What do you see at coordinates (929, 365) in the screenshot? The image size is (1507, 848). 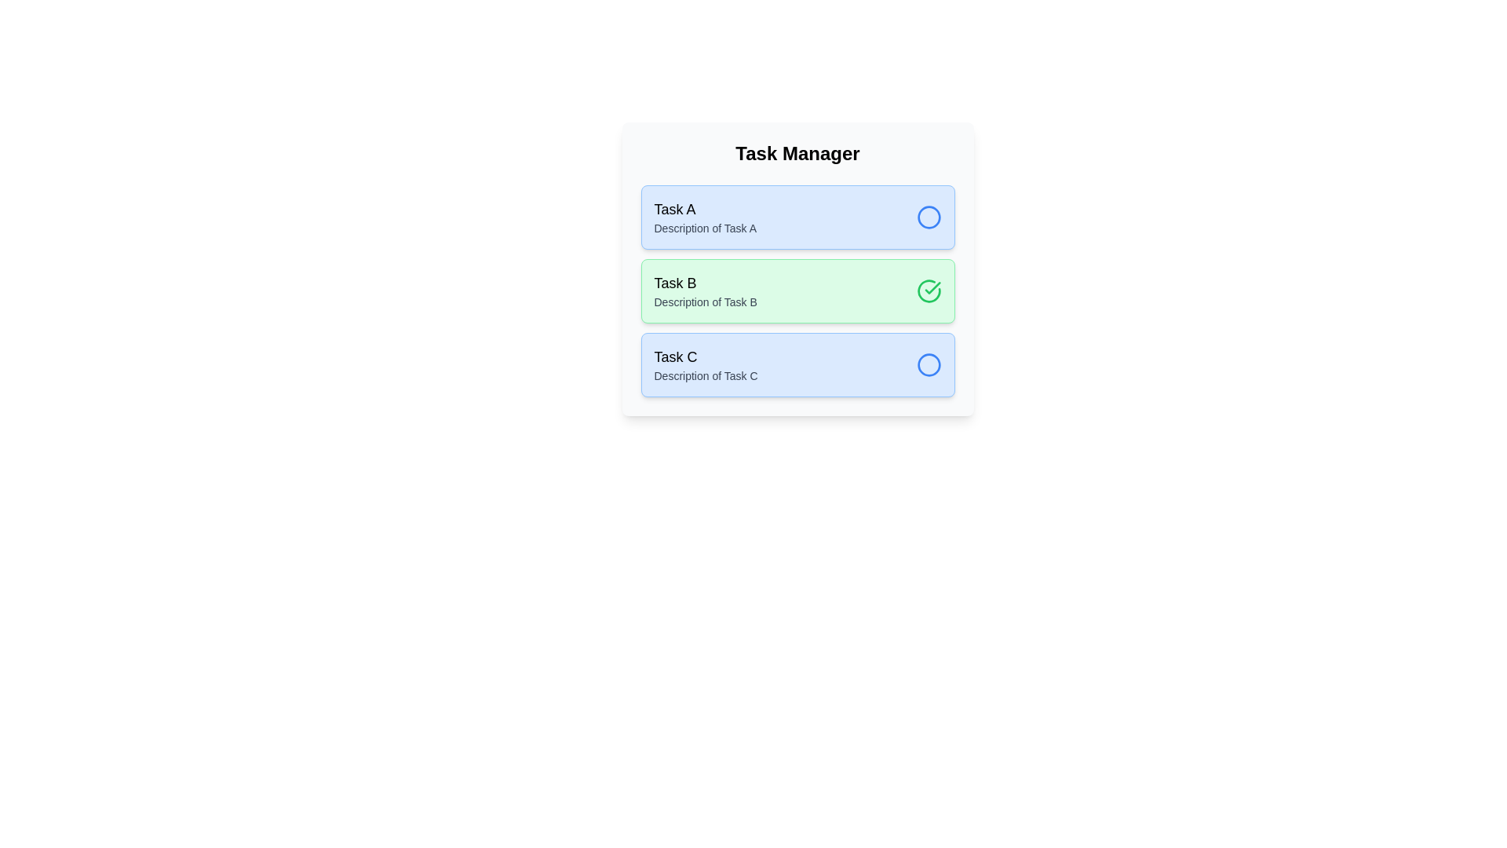 I see `the circular icon in the top-right corner of the 'Task A' card, which indicates a pending status` at bounding box center [929, 365].